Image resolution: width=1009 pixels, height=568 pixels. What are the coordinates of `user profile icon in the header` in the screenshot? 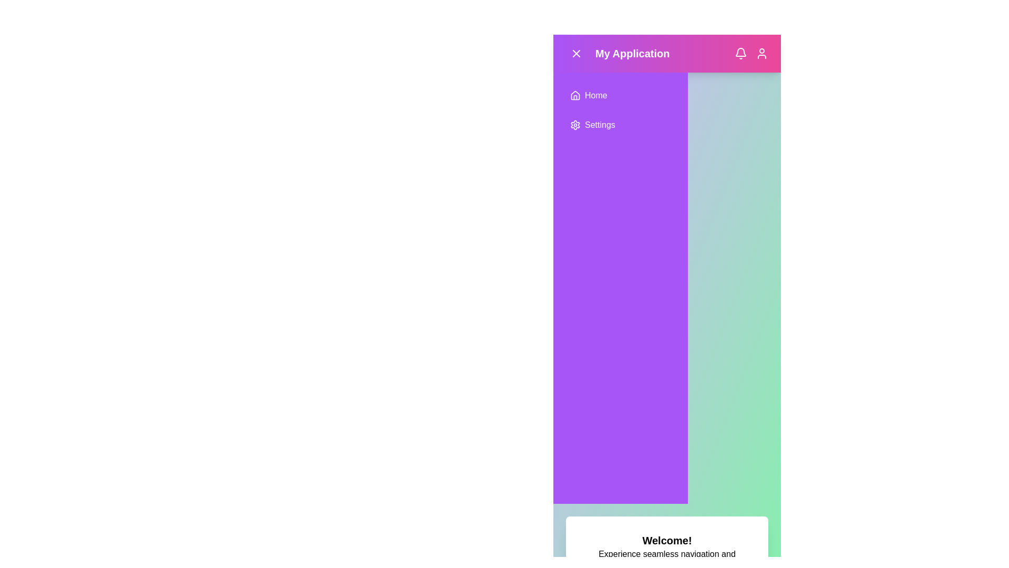 It's located at (761, 53).